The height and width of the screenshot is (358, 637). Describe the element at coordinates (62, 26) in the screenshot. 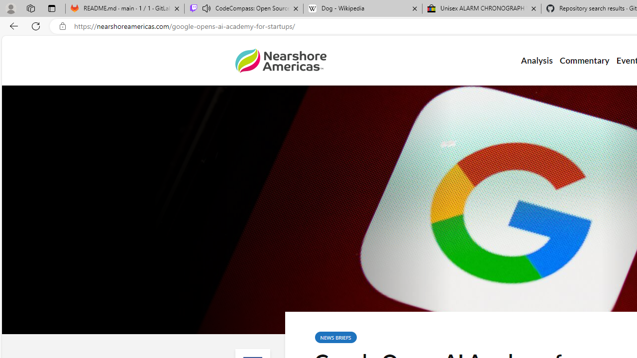

I see `'View site information'` at that location.